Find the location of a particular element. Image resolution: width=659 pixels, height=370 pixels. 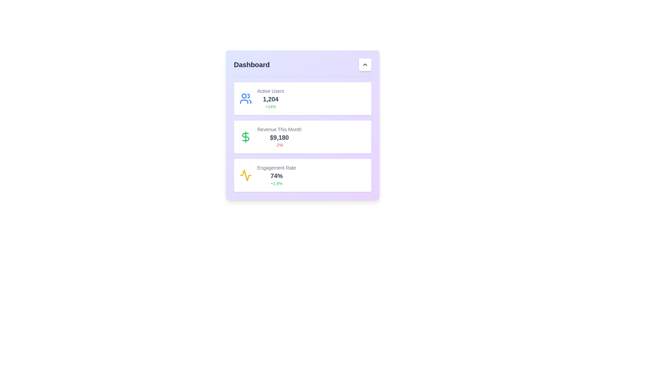

the Card displaying the engagement statistic, which shows 'Engagement Rate' and '74%' in bold, located below the 'Active Users' and 'Revenue This Month' cards is located at coordinates (302, 175).